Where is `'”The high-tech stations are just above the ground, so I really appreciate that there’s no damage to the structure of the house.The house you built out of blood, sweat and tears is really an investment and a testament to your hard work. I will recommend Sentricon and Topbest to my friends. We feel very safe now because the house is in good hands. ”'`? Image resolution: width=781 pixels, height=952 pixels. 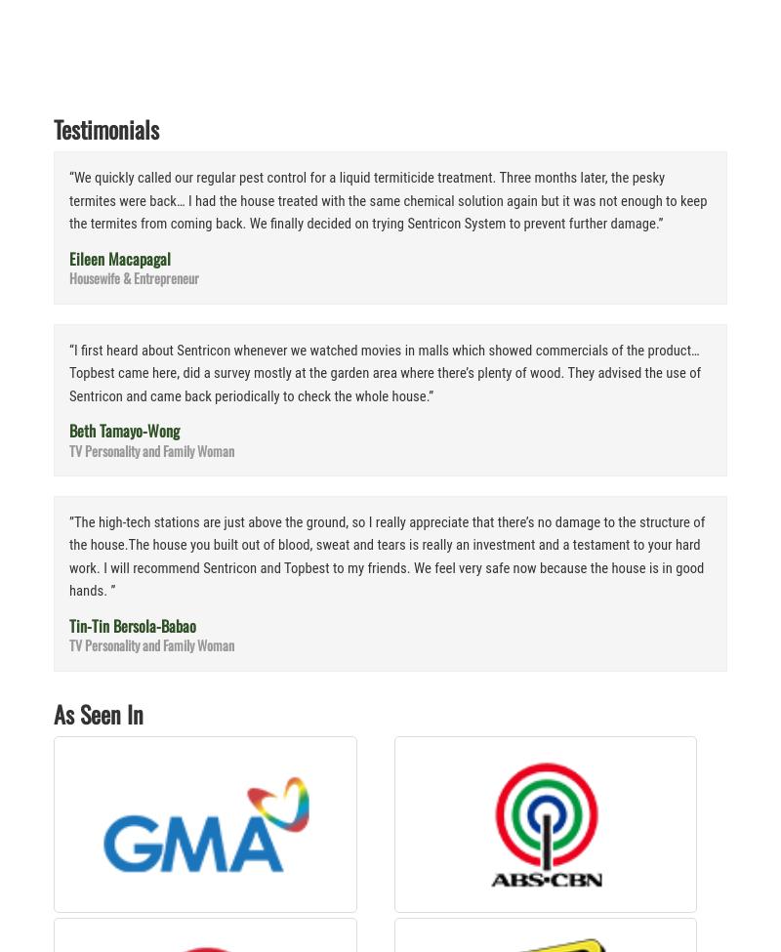 '”The high-tech stations are just above the ground, so I really appreciate that there’s no damage to the structure of the house.The house you built out of blood, sweat and tears is really an investment and a testament to your hard work. I will recommend Sentricon and Topbest to my friends. We feel very safe now because the house is in good hands. ”' is located at coordinates (386, 555).